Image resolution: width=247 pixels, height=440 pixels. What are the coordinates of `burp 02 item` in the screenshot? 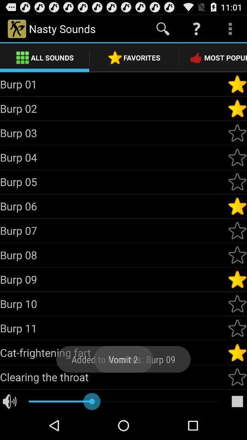 It's located at (113, 108).